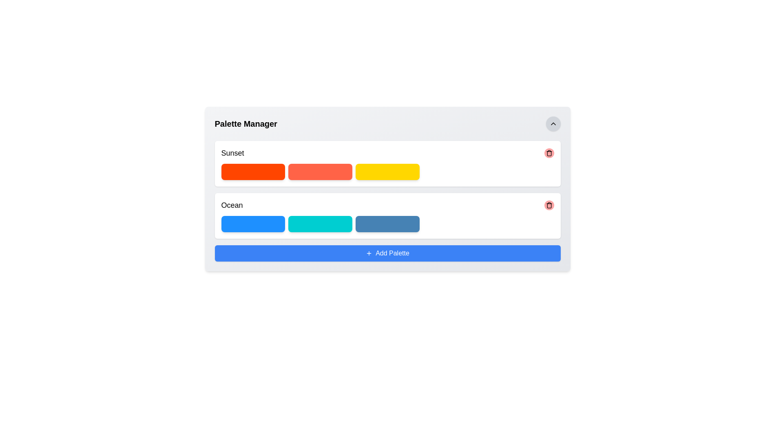 The height and width of the screenshot is (440, 783). What do you see at coordinates (246, 124) in the screenshot?
I see `the 'Palette Manager' text label located at the top-left corner of the header section of the card-like component` at bounding box center [246, 124].